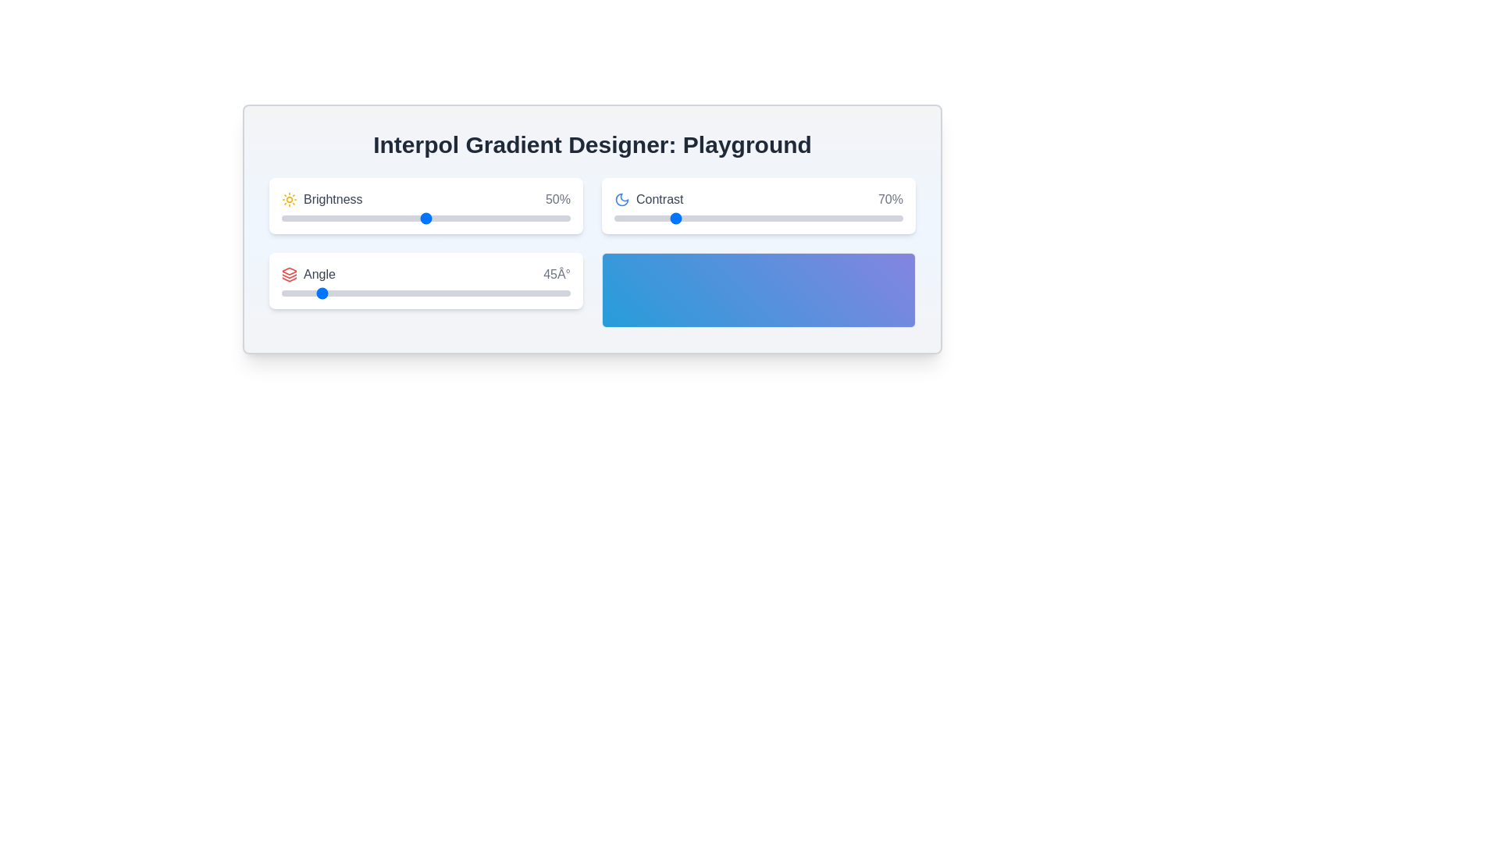  I want to click on the brightness icon located to the left of the 'Brightness' label in the interface, so click(289, 198).